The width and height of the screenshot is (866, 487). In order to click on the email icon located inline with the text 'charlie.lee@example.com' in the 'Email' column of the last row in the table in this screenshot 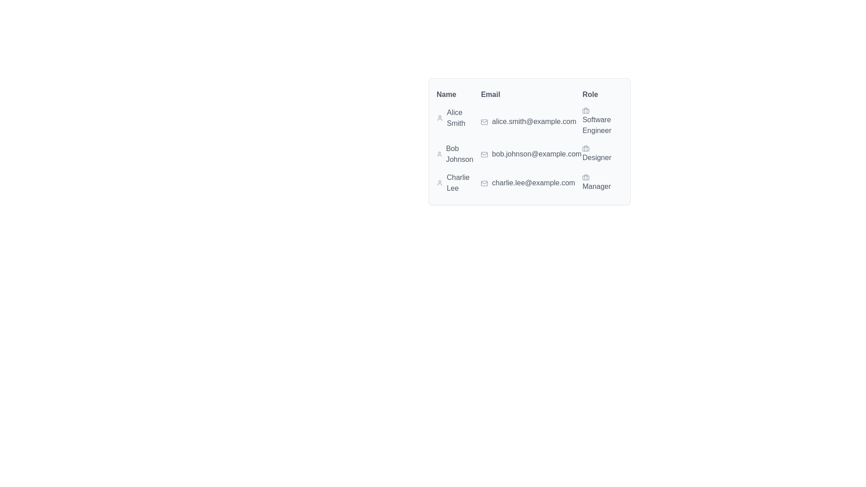, I will do `click(484, 183)`.